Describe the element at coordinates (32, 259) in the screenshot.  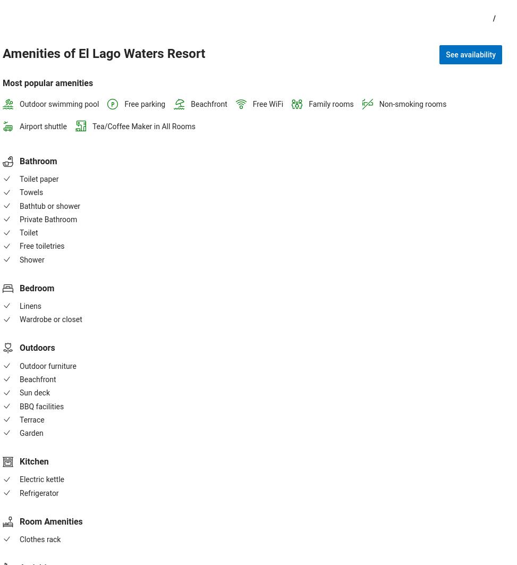
I see `'Shower'` at that location.